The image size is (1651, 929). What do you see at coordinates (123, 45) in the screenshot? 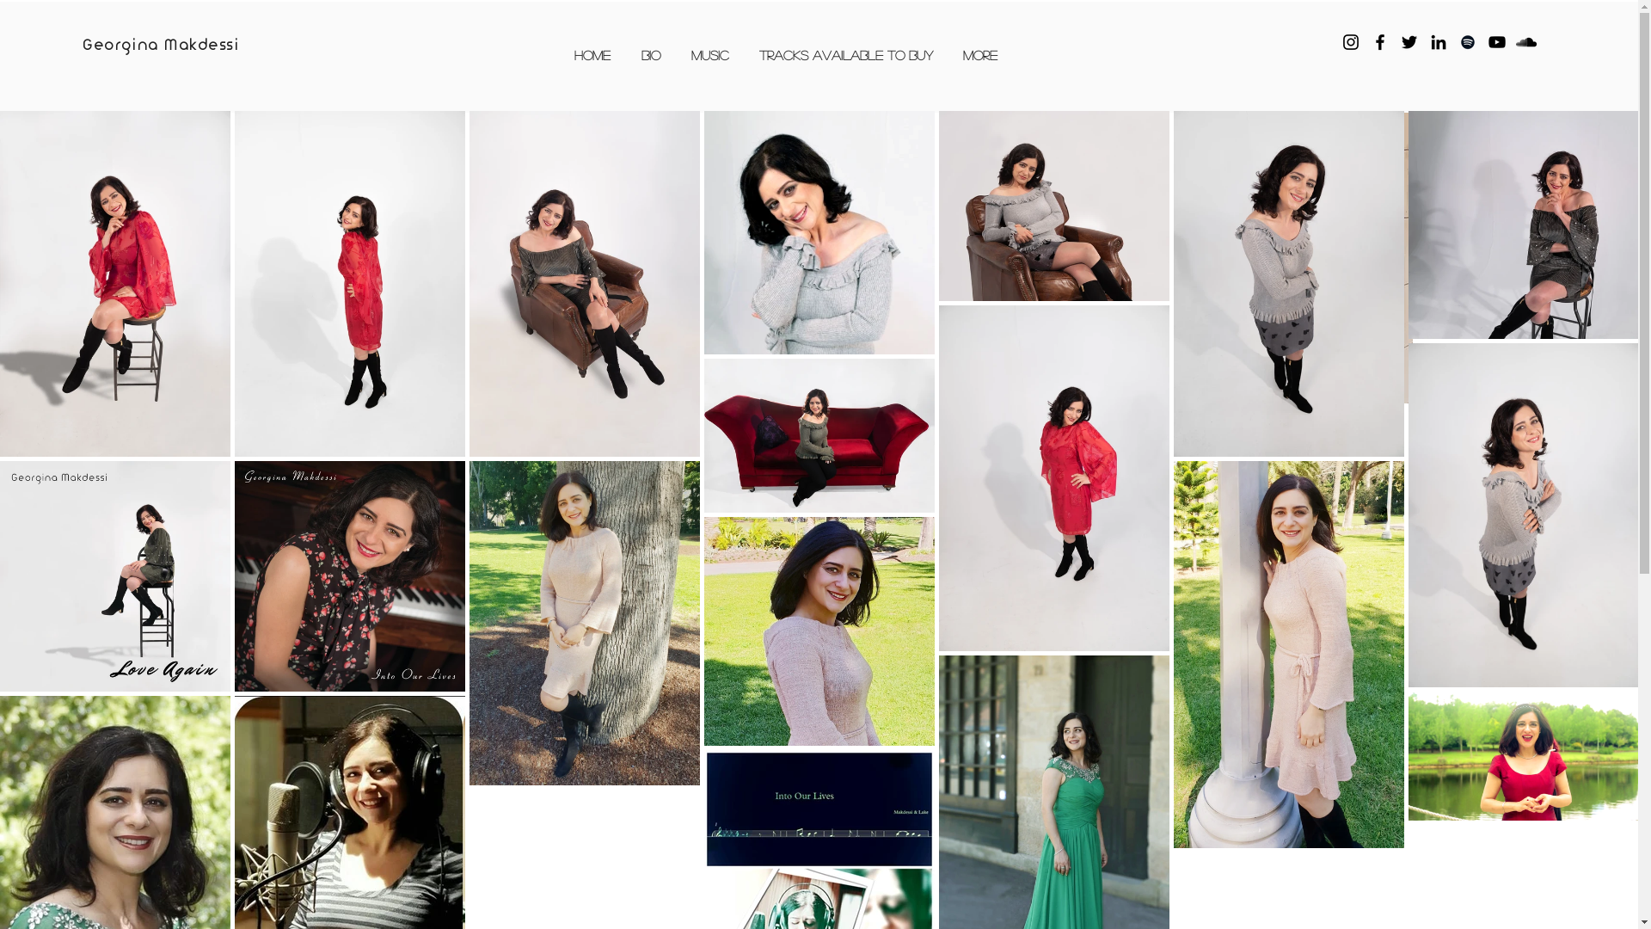
I see `'Georgina '` at bounding box center [123, 45].